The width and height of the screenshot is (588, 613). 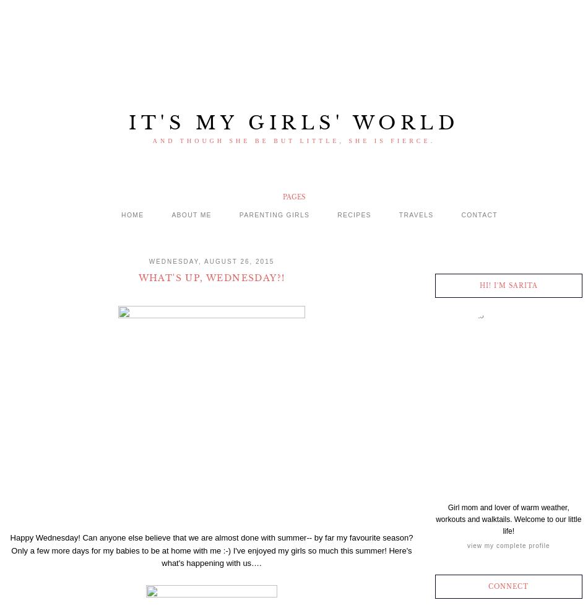 What do you see at coordinates (508, 546) in the screenshot?
I see `'View my complete profile'` at bounding box center [508, 546].